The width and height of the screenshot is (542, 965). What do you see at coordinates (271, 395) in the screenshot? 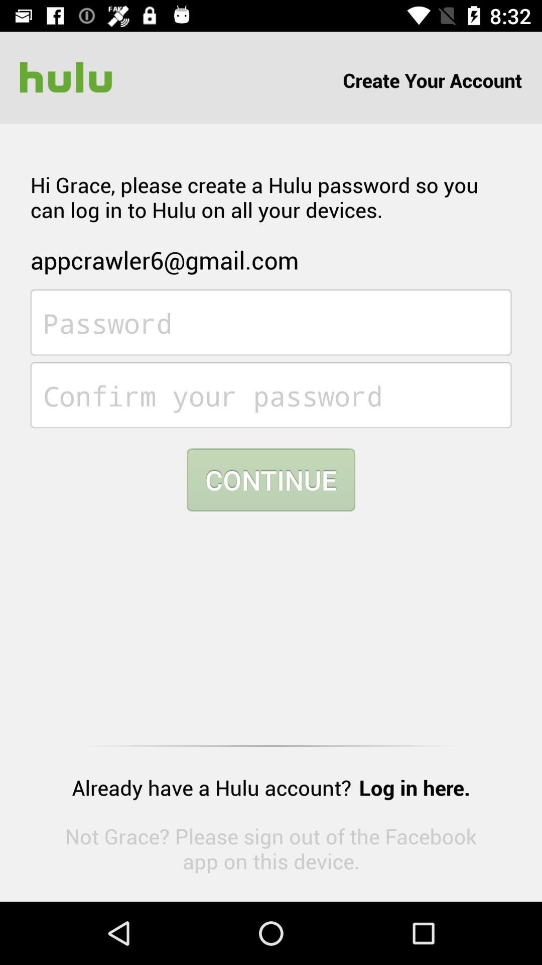
I see `confirm password again` at bounding box center [271, 395].